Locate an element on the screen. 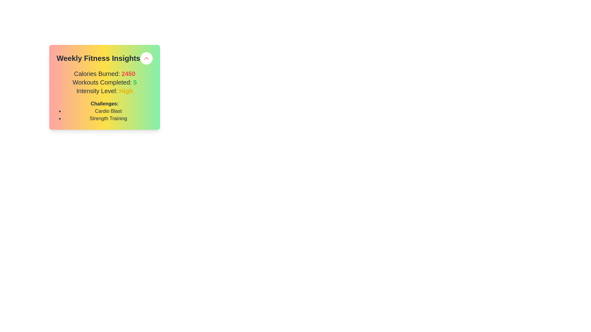  the bold yellow text 'High' within the statement 'Intensity Level: High', which is visually distinct due to its color and styling, located to the right of 'Intensity Level:' in the fitness statistics card is located at coordinates (126, 91).